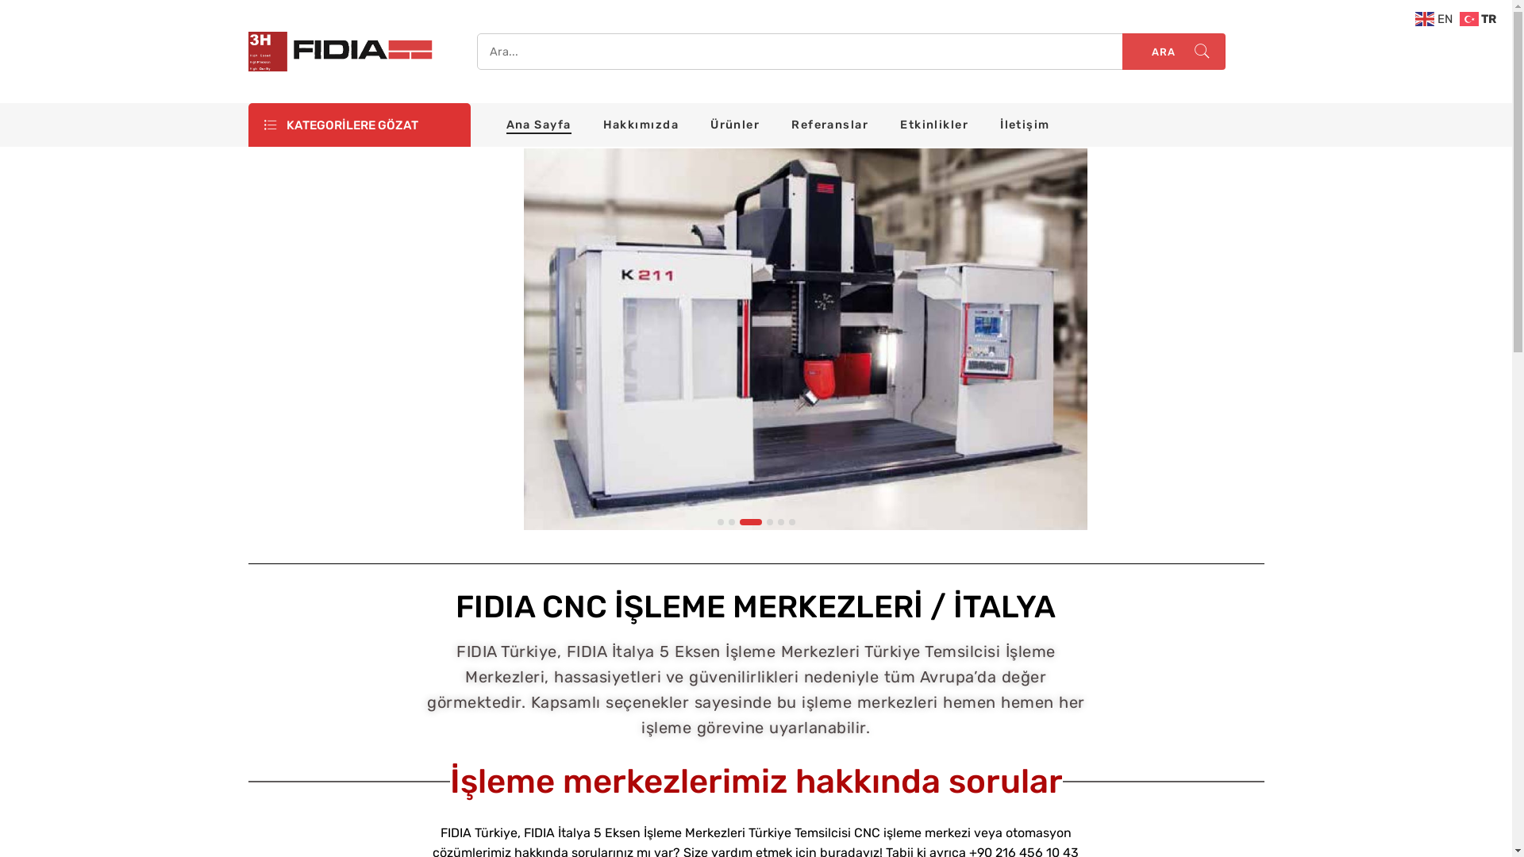 This screenshot has height=857, width=1524. What do you see at coordinates (538, 124) in the screenshot?
I see `'Ana Sayfa'` at bounding box center [538, 124].